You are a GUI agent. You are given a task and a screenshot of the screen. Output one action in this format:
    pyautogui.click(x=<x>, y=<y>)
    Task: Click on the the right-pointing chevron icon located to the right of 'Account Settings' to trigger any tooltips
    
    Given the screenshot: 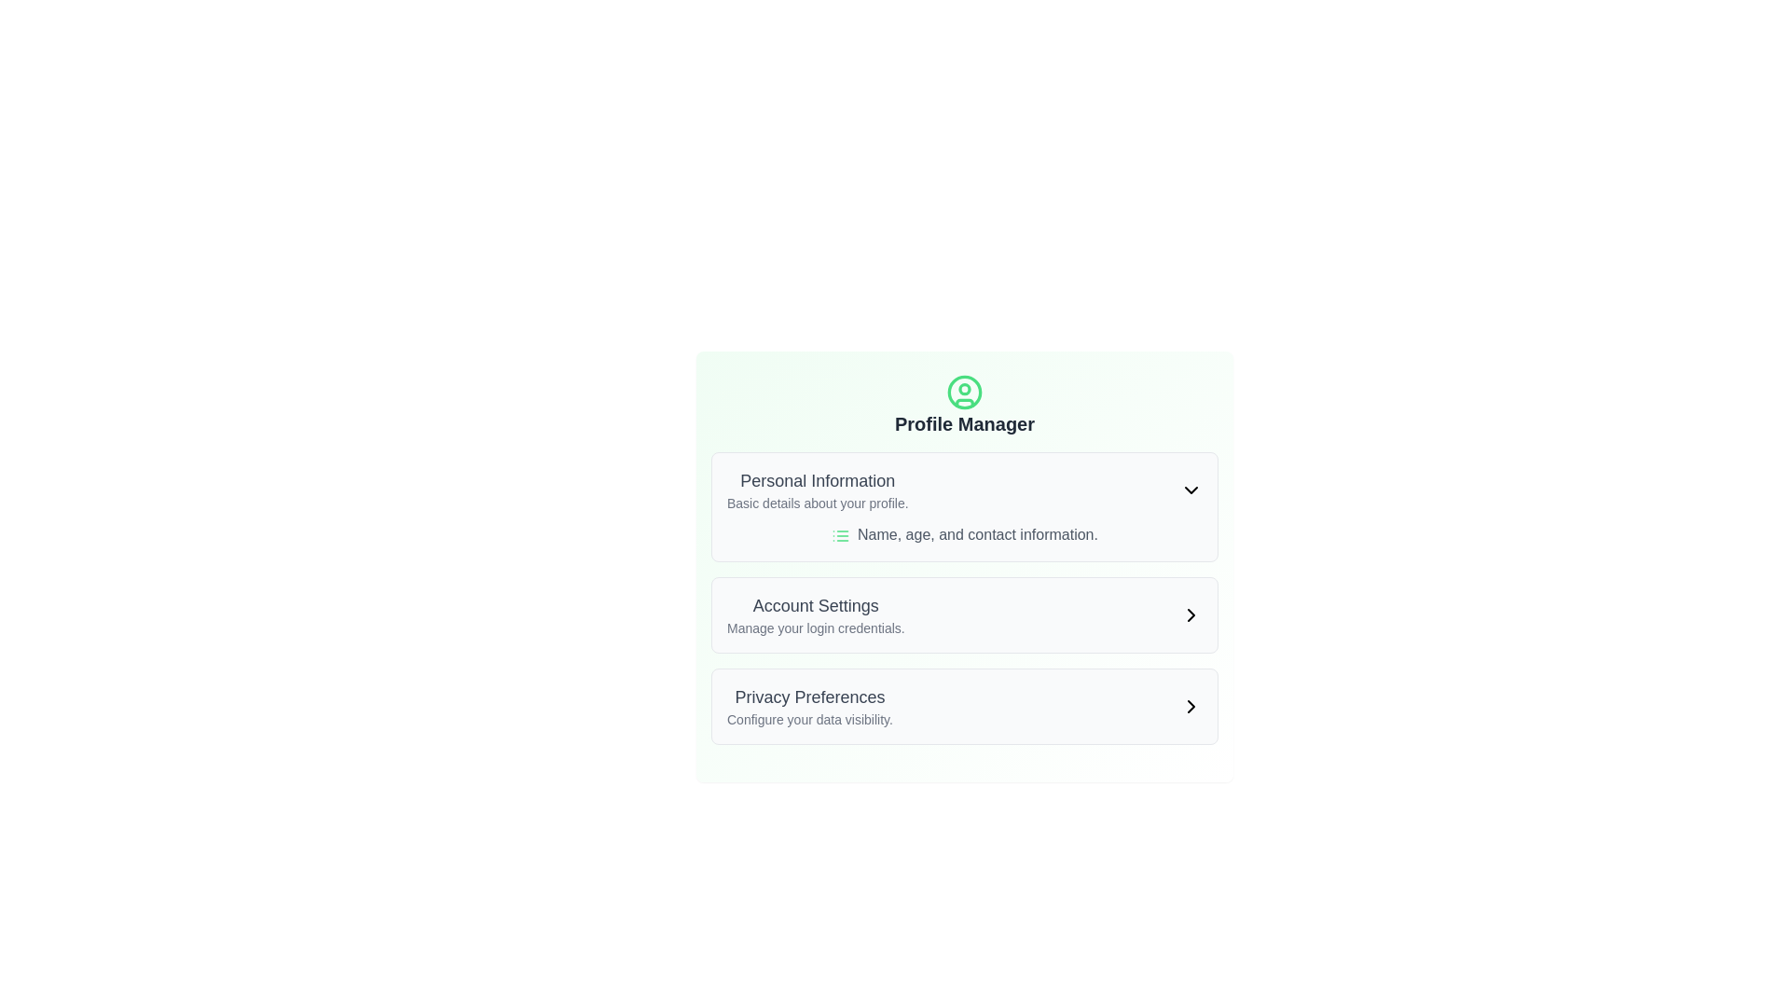 What is the action you would take?
    pyautogui.click(x=1190, y=614)
    